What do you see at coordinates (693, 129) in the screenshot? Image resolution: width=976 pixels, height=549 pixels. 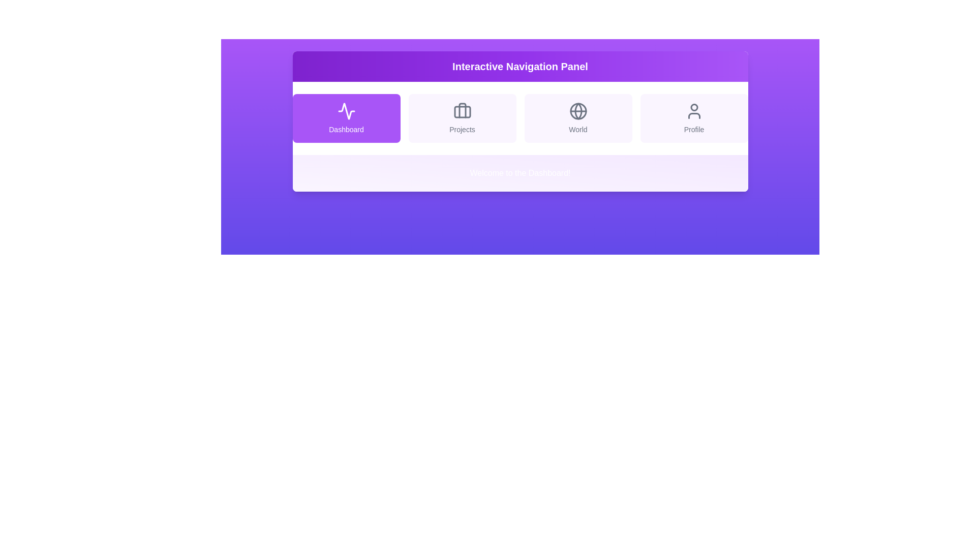 I see `the text label that reads 'Profile', which is located below a user icon within a light purple button in the navigation panel` at bounding box center [693, 129].